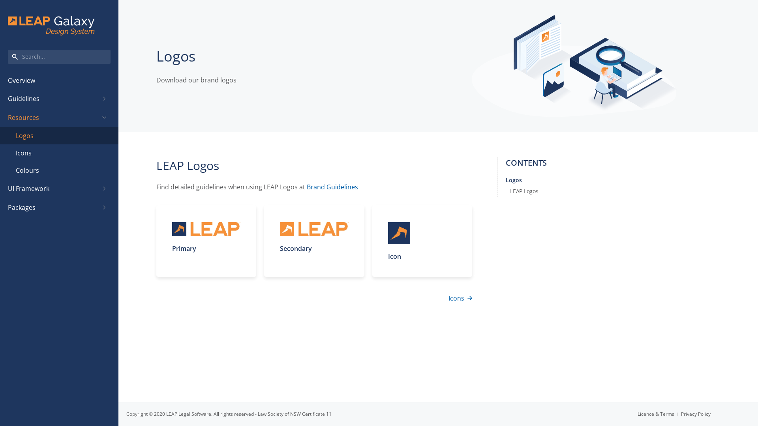  Describe the element at coordinates (313, 240) in the screenshot. I see `'Secondary'` at that location.